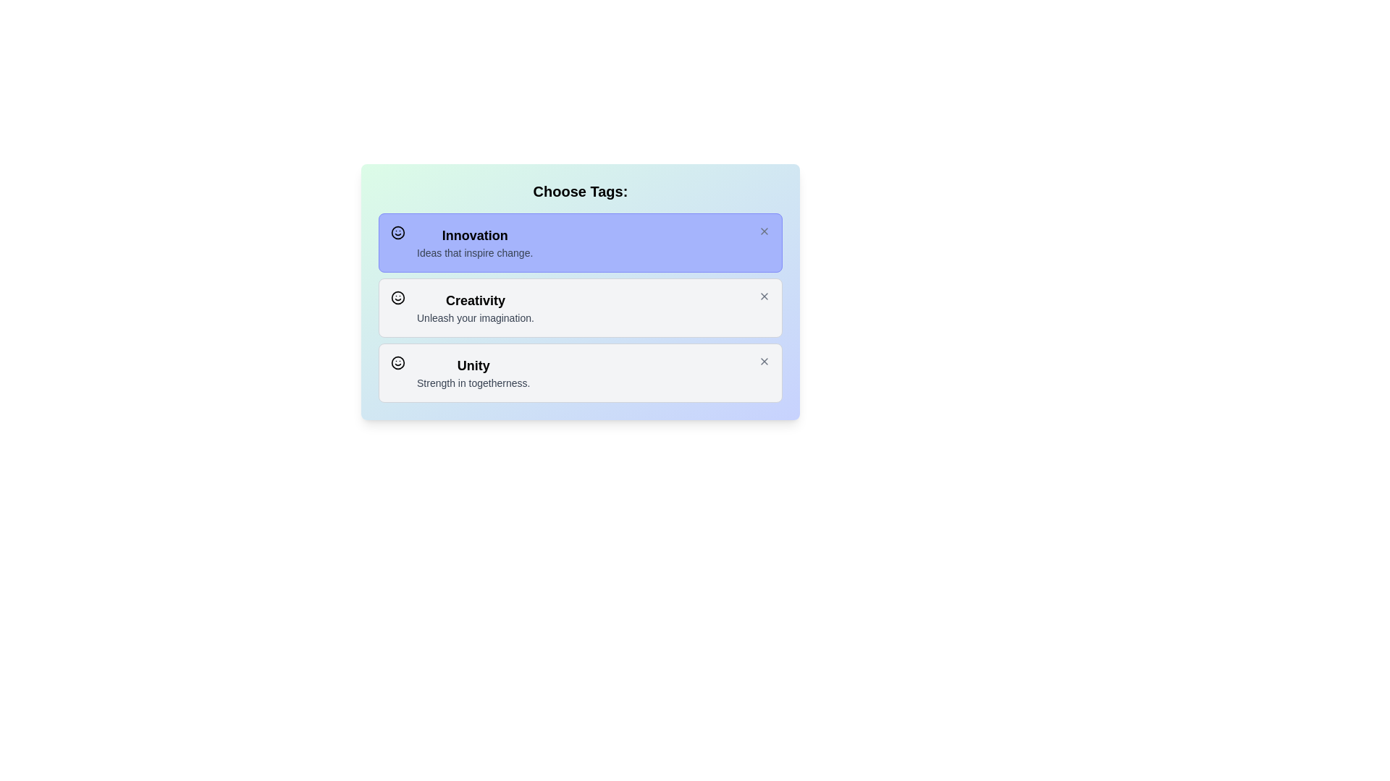  I want to click on the theme's name and description for Unity, so click(470, 372).